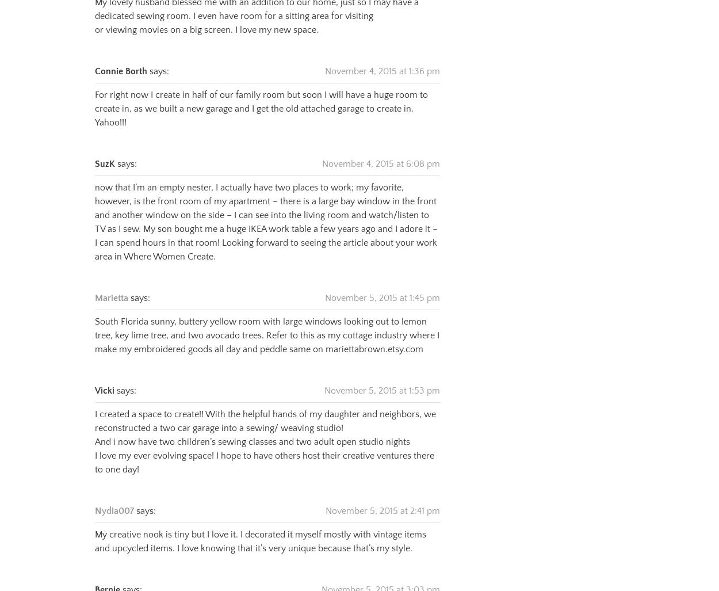  I want to click on 'November 4, 2015 at 1:36 pm', so click(383, 56).